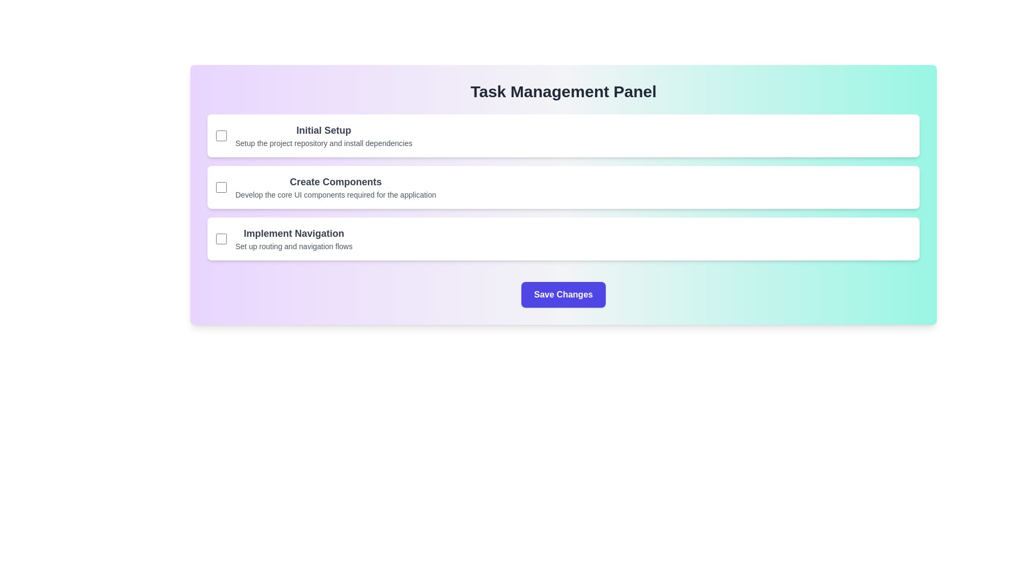 The image size is (1032, 580). Describe the element at coordinates (294, 233) in the screenshot. I see `the text component displaying 'Implement Navigation', which is the header of the third task in the vertically stacked task list` at that location.